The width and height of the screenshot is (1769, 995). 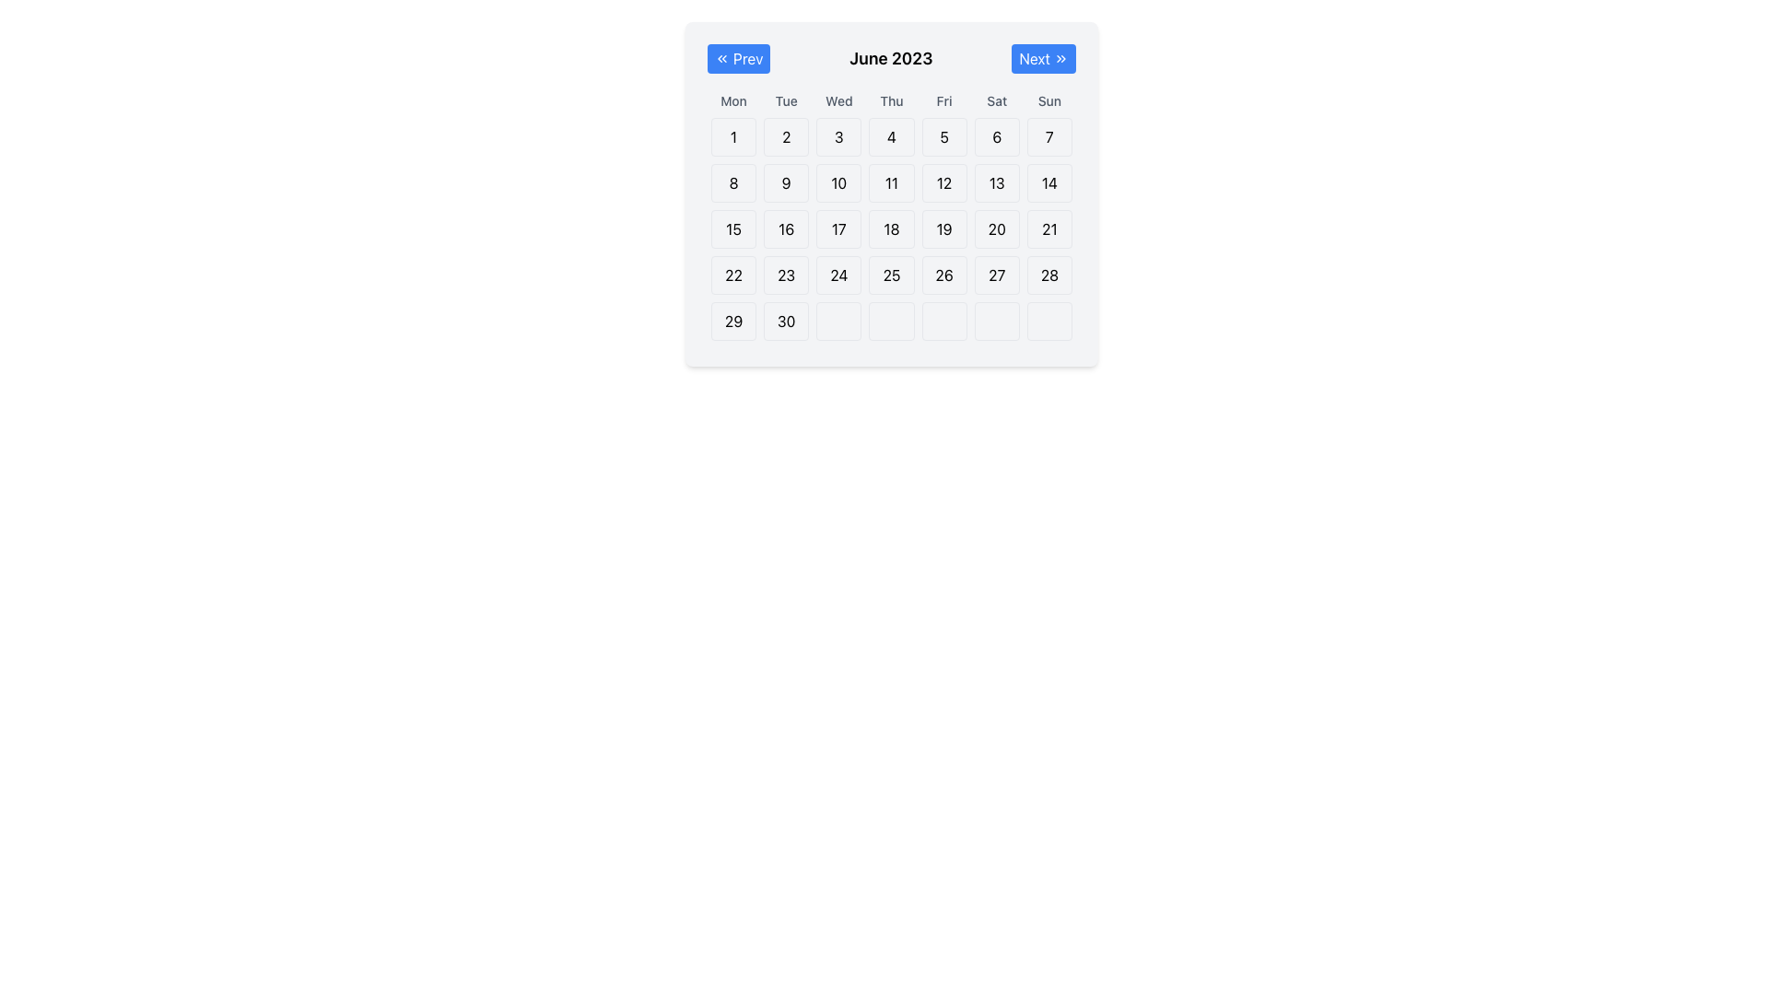 What do you see at coordinates (892, 183) in the screenshot?
I see `the button displaying the number '11'` at bounding box center [892, 183].